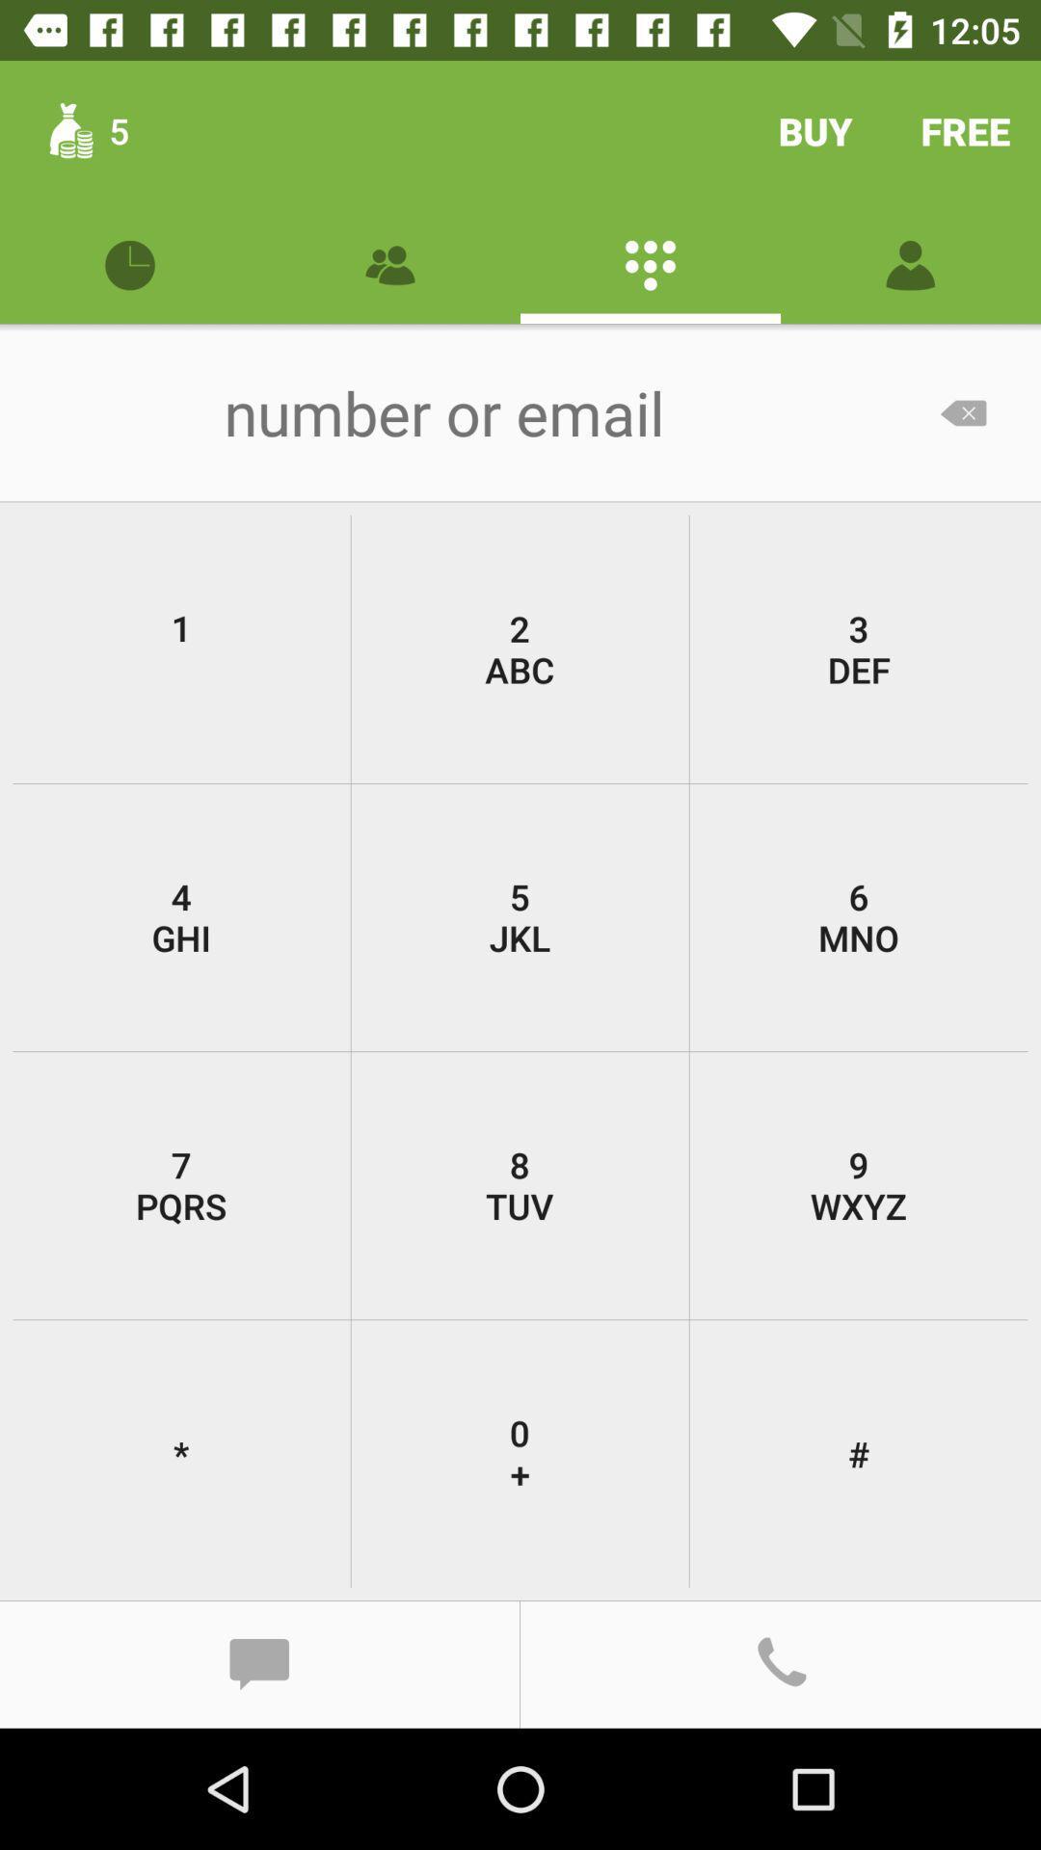  What do you see at coordinates (519, 1184) in the screenshot?
I see `the 8` at bounding box center [519, 1184].